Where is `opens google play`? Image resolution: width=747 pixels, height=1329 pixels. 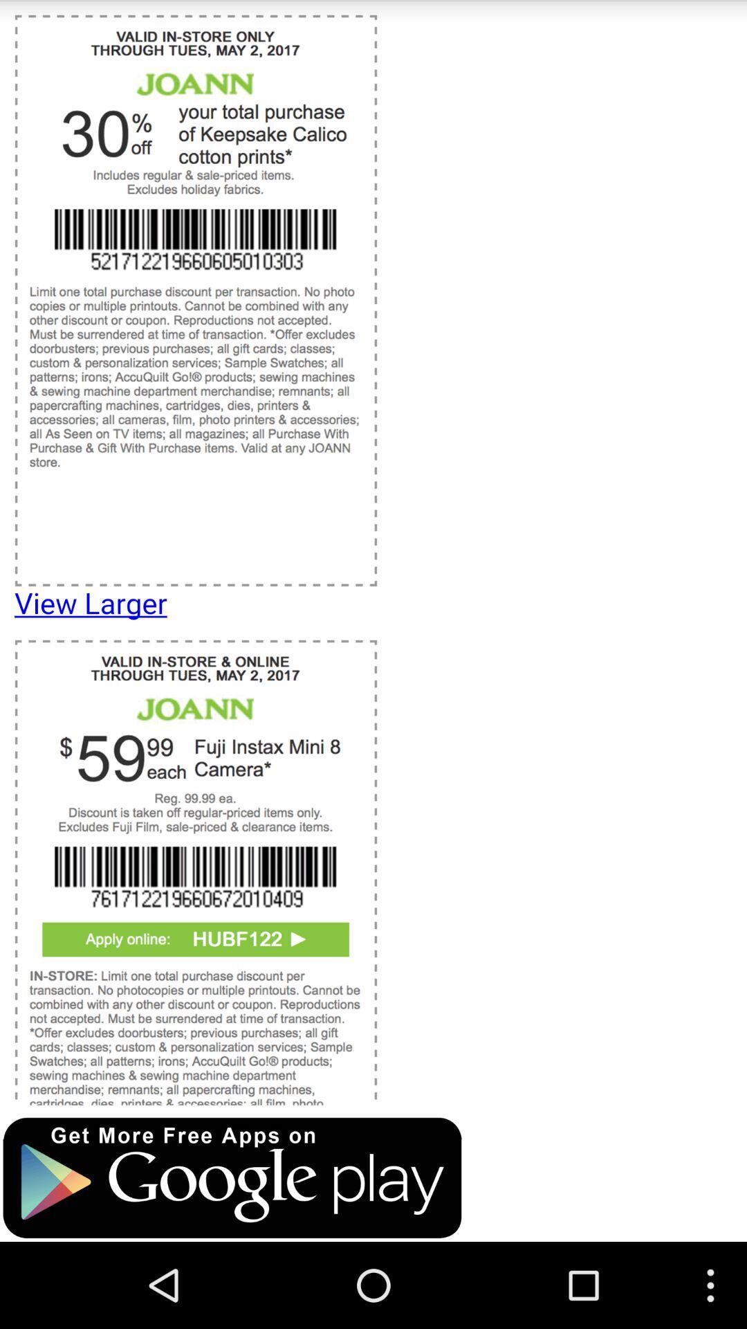
opens google play is located at coordinates (231, 1177).